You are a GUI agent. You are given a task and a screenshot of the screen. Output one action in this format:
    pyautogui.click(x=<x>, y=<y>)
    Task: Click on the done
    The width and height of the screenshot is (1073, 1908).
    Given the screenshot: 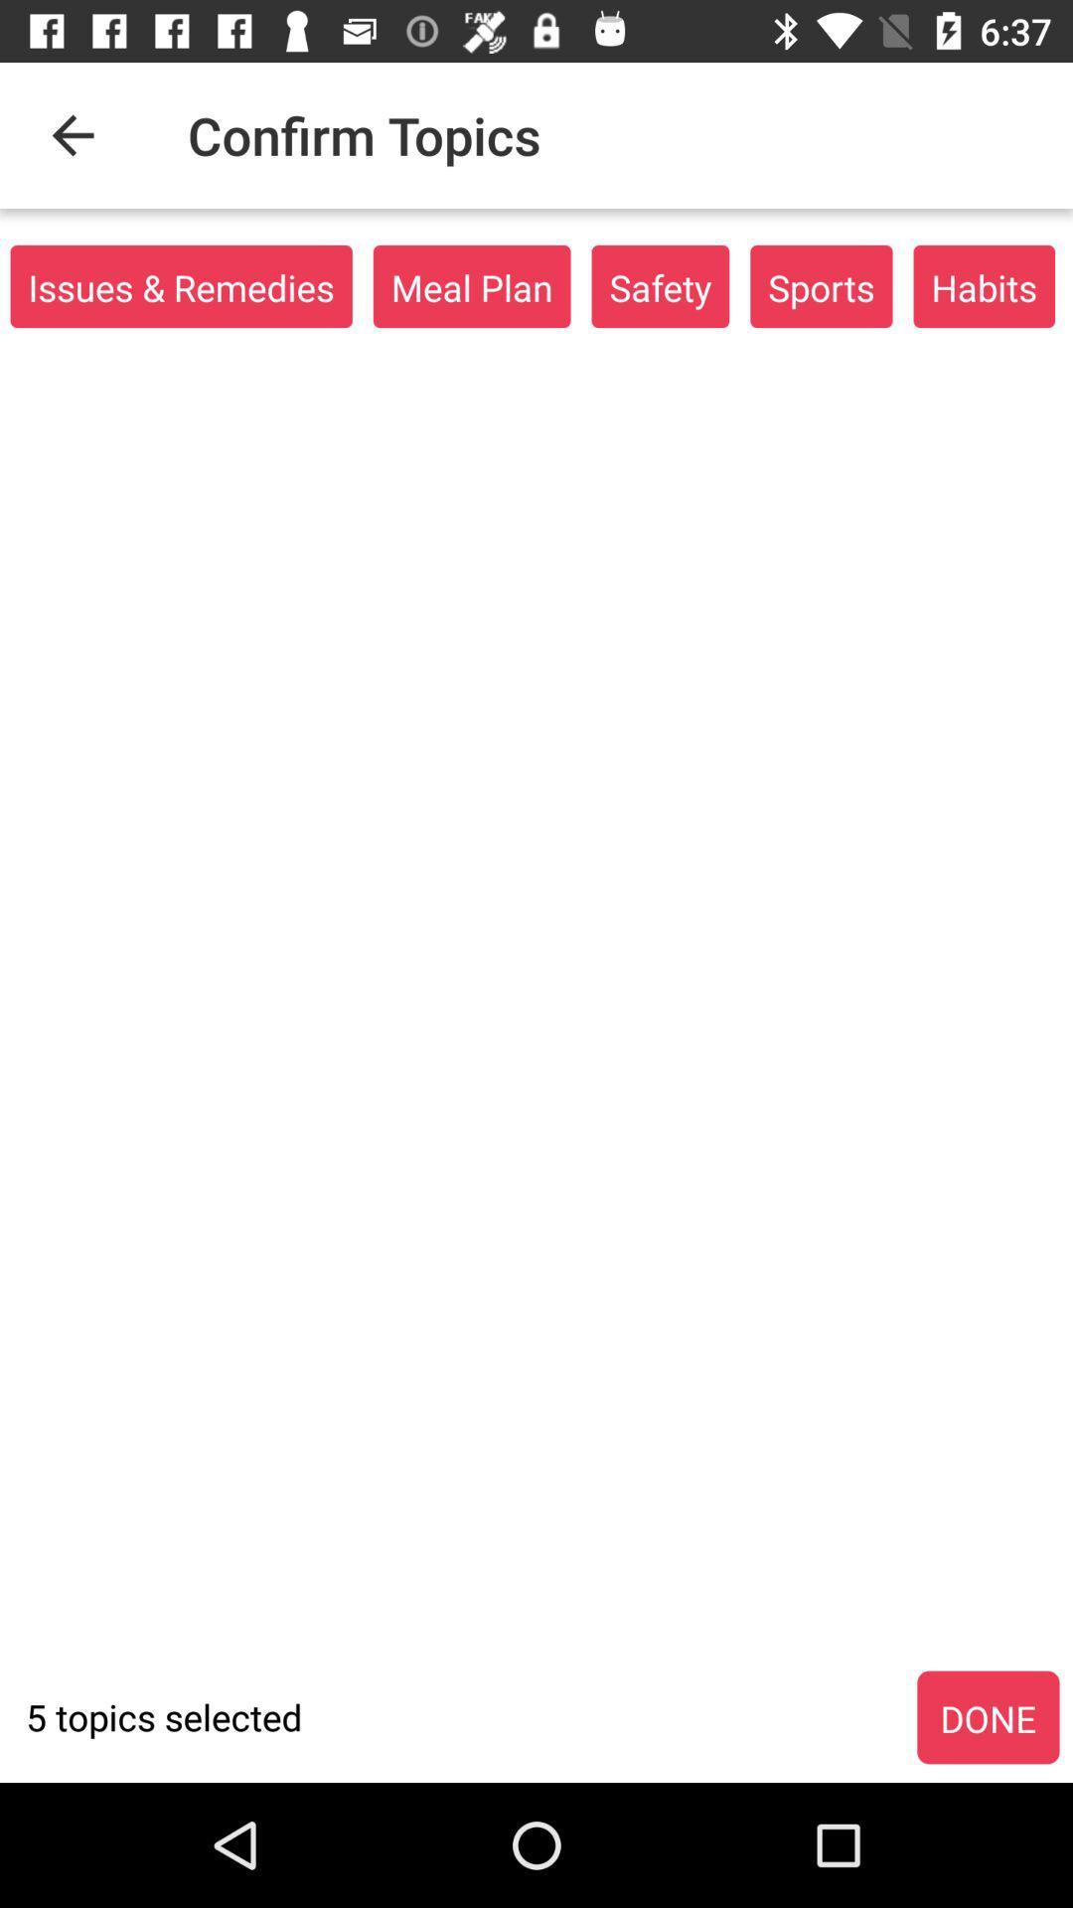 What is the action you would take?
    pyautogui.click(x=988, y=1717)
    